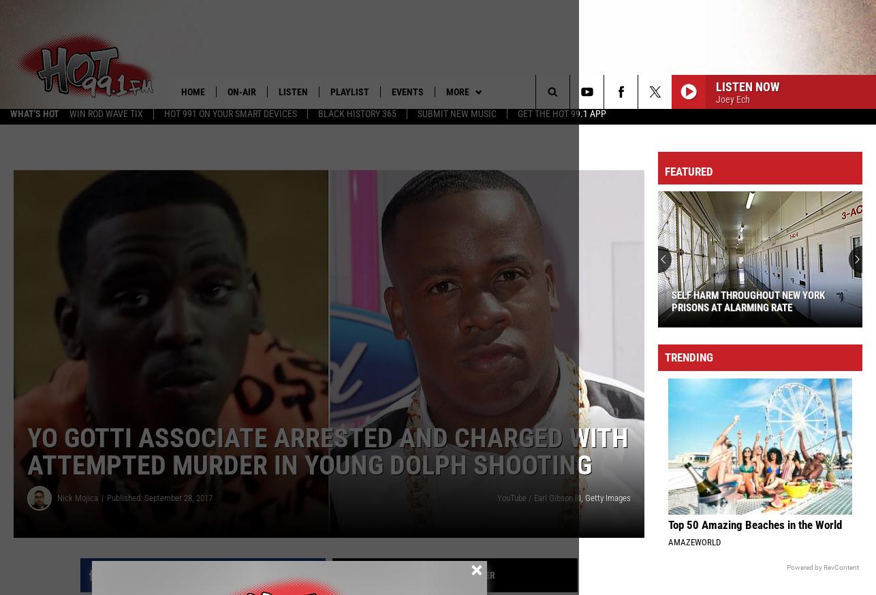 The image size is (876, 595). What do you see at coordinates (822, 573) in the screenshot?
I see `'Powered by RevContent'` at bounding box center [822, 573].